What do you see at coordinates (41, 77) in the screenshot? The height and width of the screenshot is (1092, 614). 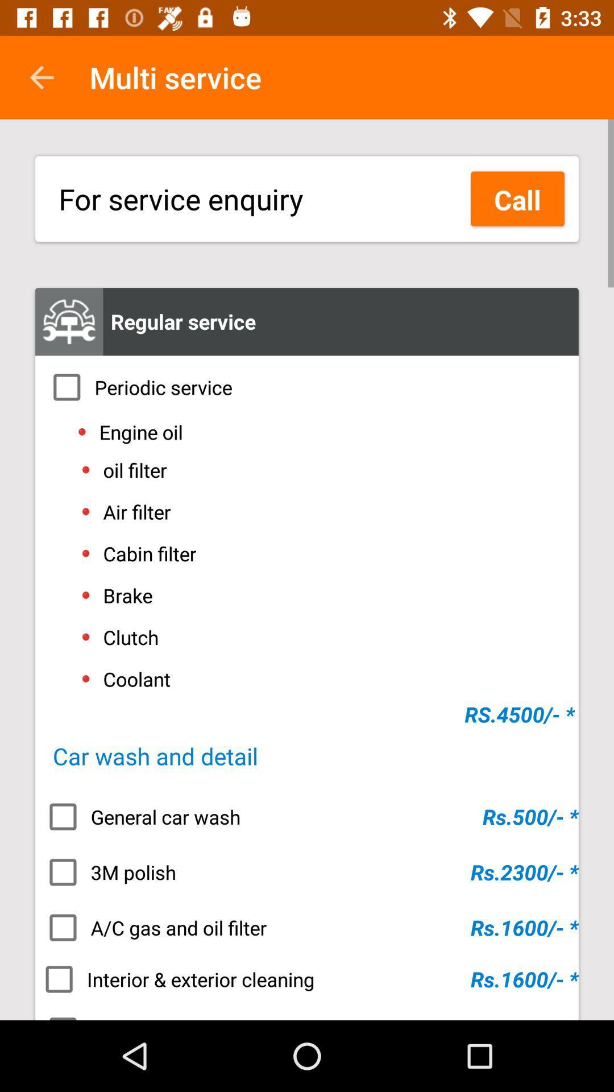 I see `item above the for service enquiry item` at bounding box center [41, 77].